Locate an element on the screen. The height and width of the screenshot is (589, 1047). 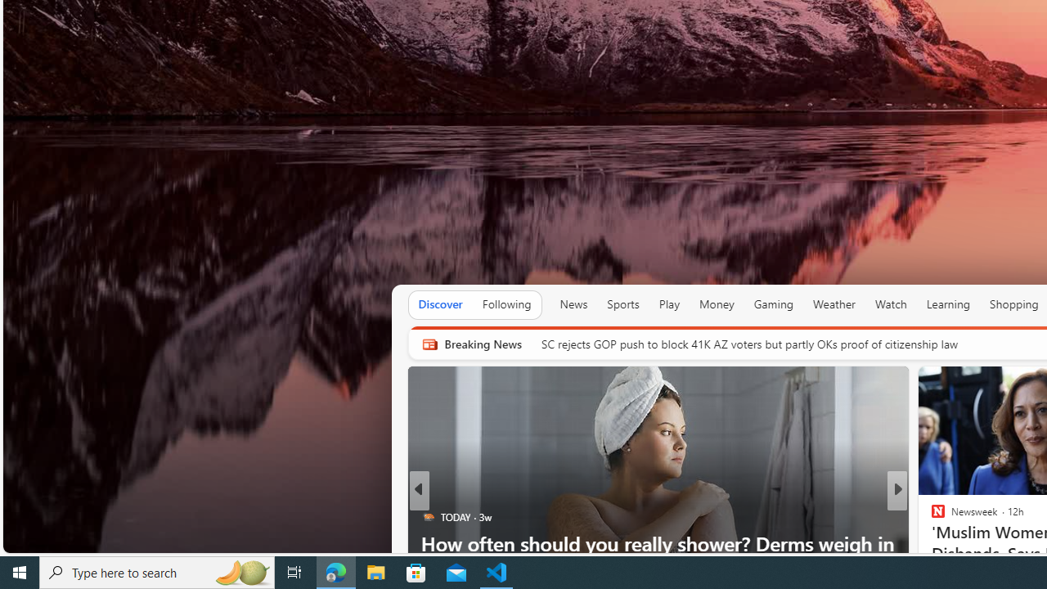
'Gaming' is located at coordinates (772, 303).